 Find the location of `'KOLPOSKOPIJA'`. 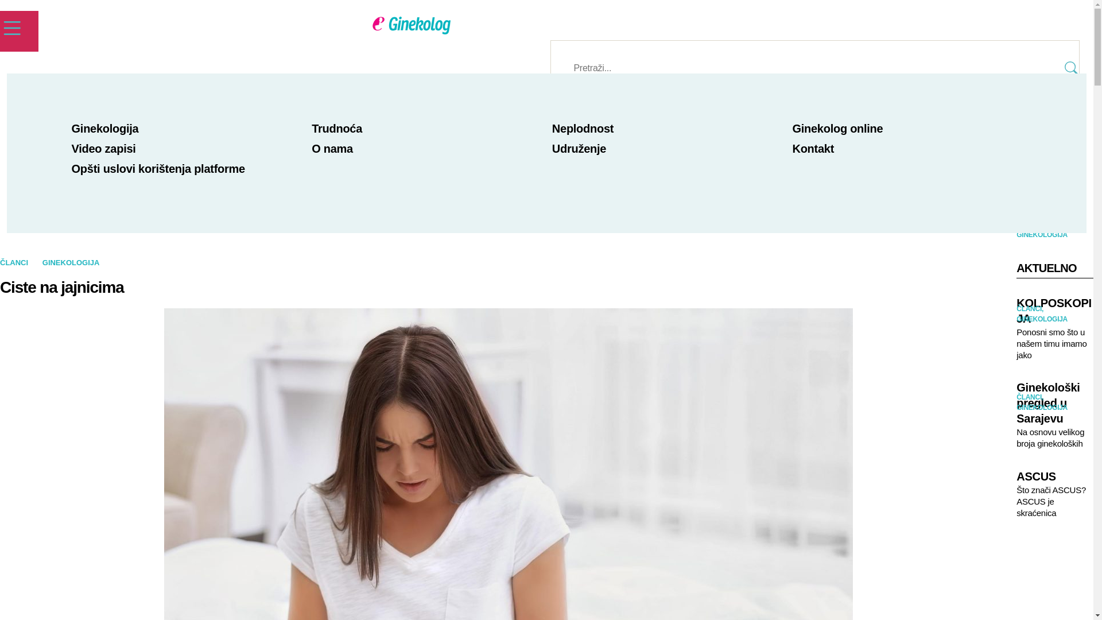

'KOLPOSKOPIJA' is located at coordinates (1016, 311).